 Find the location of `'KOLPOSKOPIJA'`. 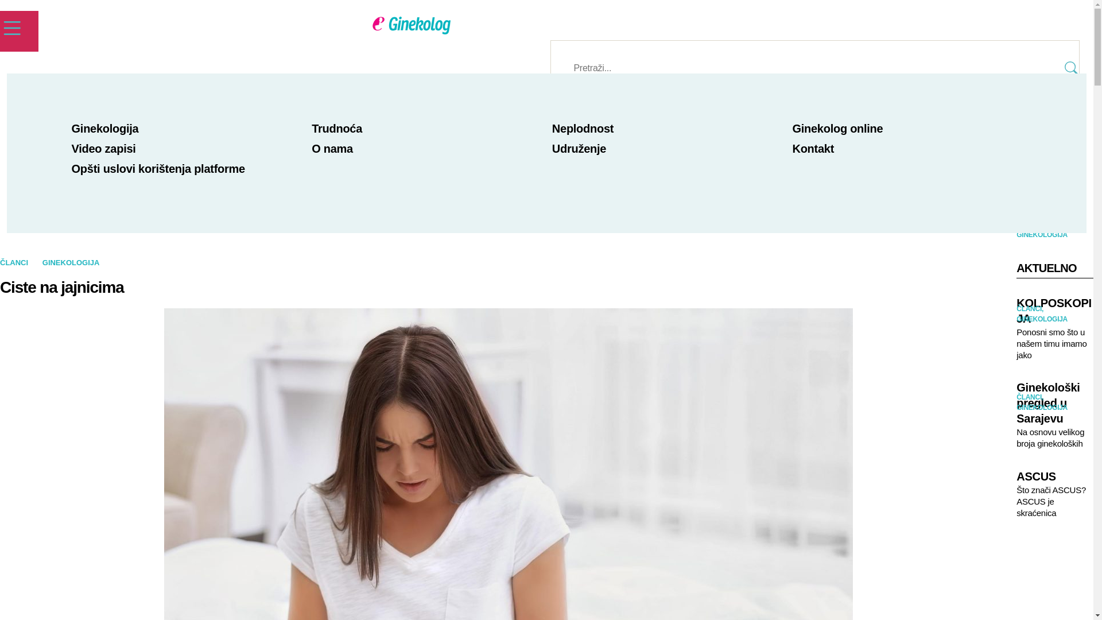

'KOLPOSKOPIJA' is located at coordinates (1016, 311).